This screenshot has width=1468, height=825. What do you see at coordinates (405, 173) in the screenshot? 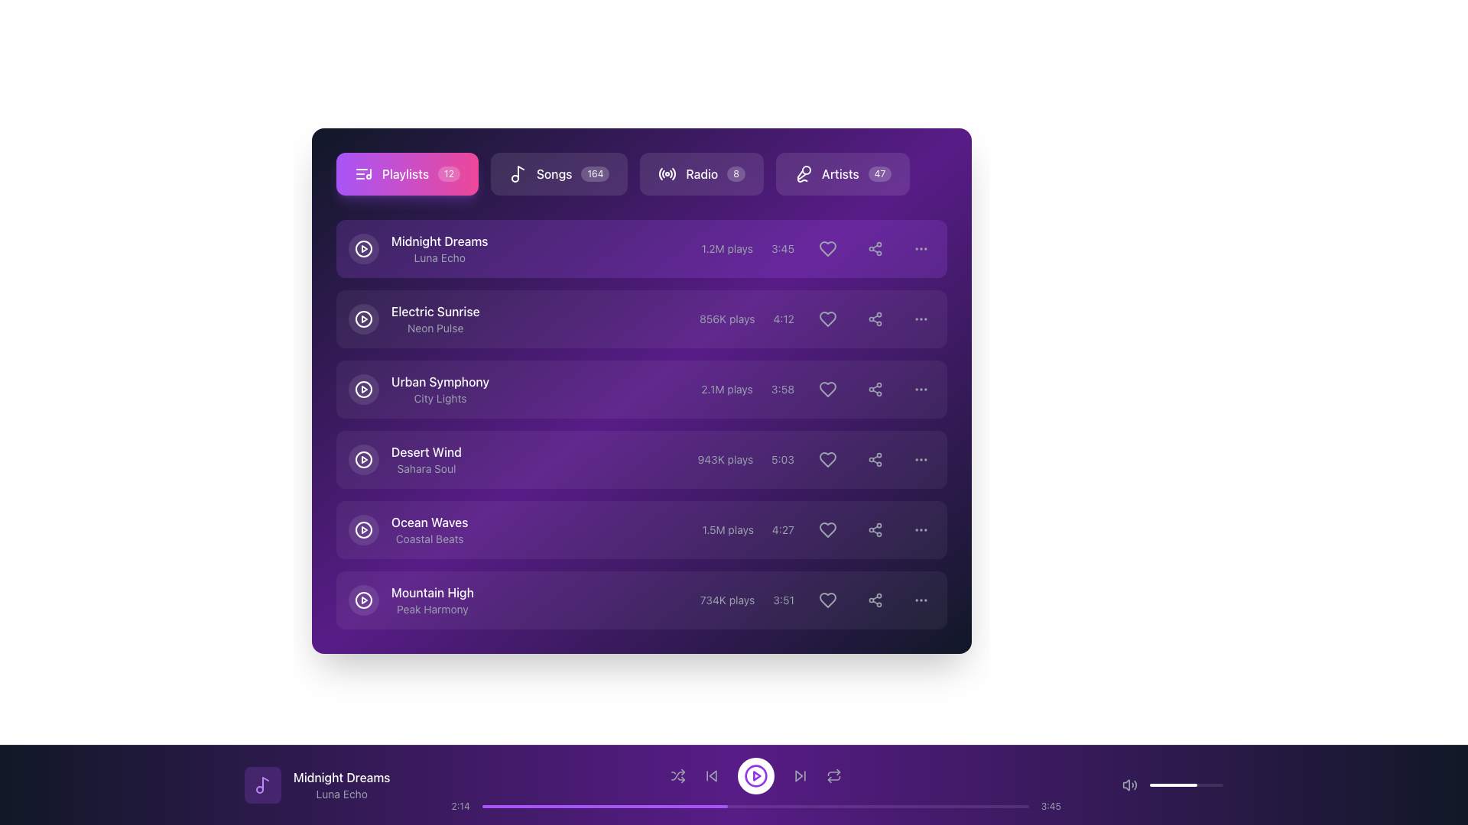
I see `text label element that displays 'Playlists' in a white font, located in a button-like structure at the top-left section of the interface` at bounding box center [405, 173].